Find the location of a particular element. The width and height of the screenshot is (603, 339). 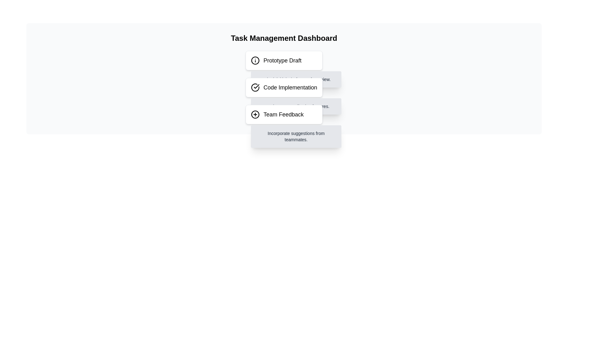

the circle SVG element that indicates additional information within the 'Prototype Draft' item on the Task Management Dashboard is located at coordinates (255, 60).